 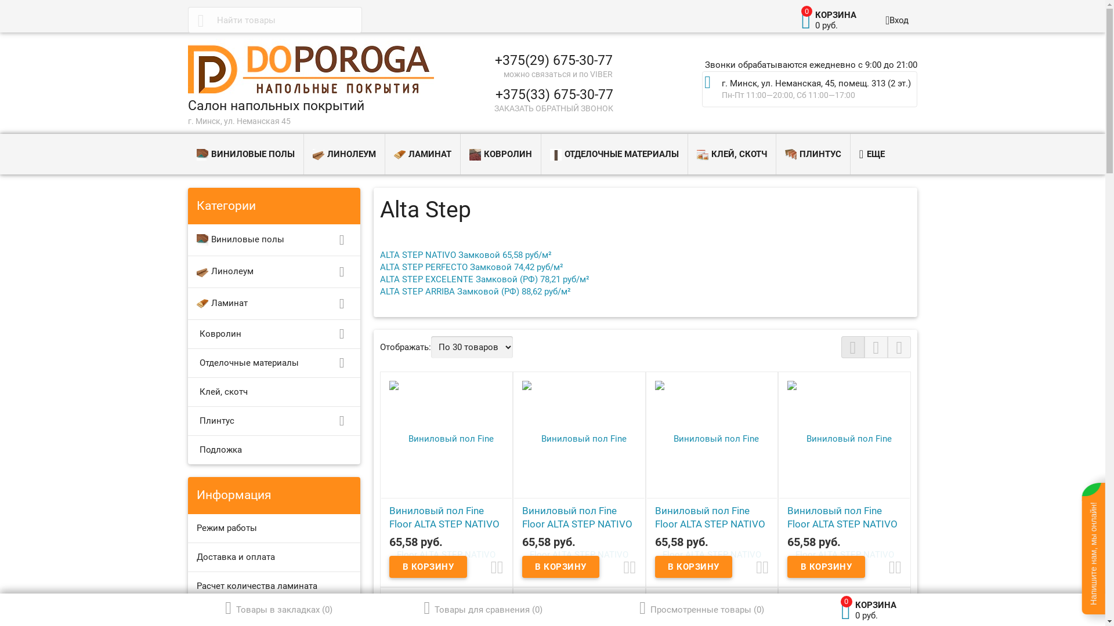 I want to click on '+375(29) 675-30-77', so click(x=494, y=60).